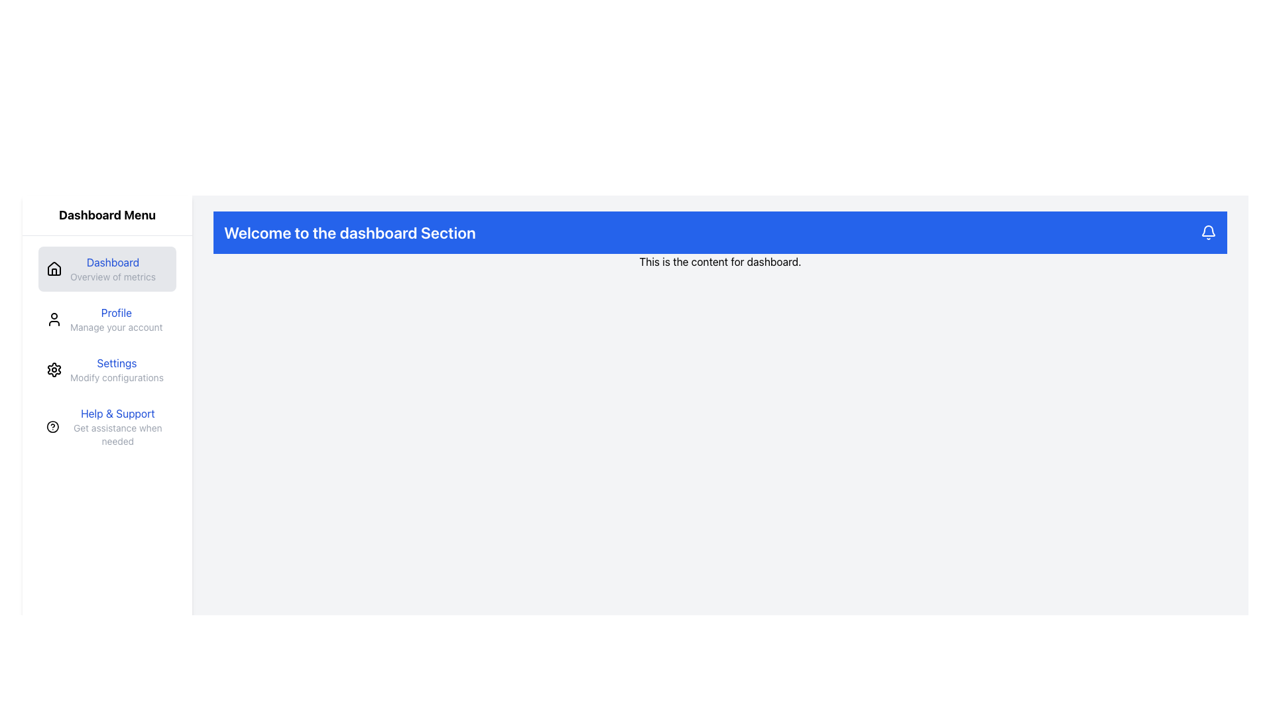 This screenshot has height=716, width=1273. What do you see at coordinates (117, 378) in the screenshot?
I see `text label that says 'Modify configurations', which is styled with a small font size and gray color, located below the 'Settings' label in the left-hand sidebar` at bounding box center [117, 378].